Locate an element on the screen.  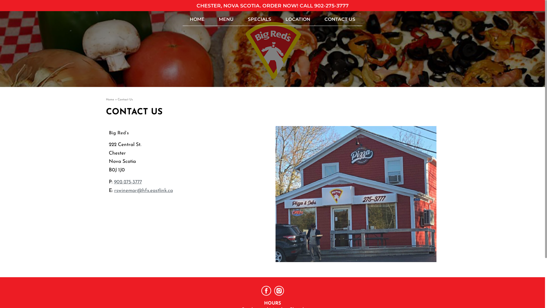
'Home' is located at coordinates (110, 99).